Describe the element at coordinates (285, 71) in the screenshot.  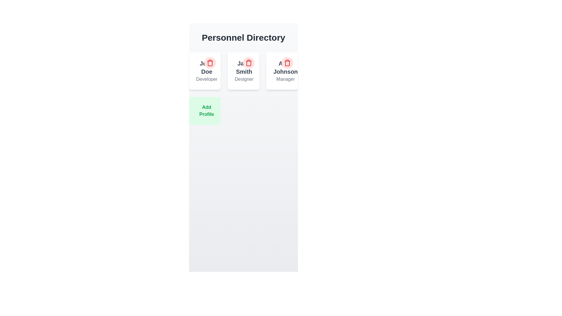
I see `the information display block containing the name 'Alice Johnson' and title 'Manager', which is the third card in a grid layout` at that location.